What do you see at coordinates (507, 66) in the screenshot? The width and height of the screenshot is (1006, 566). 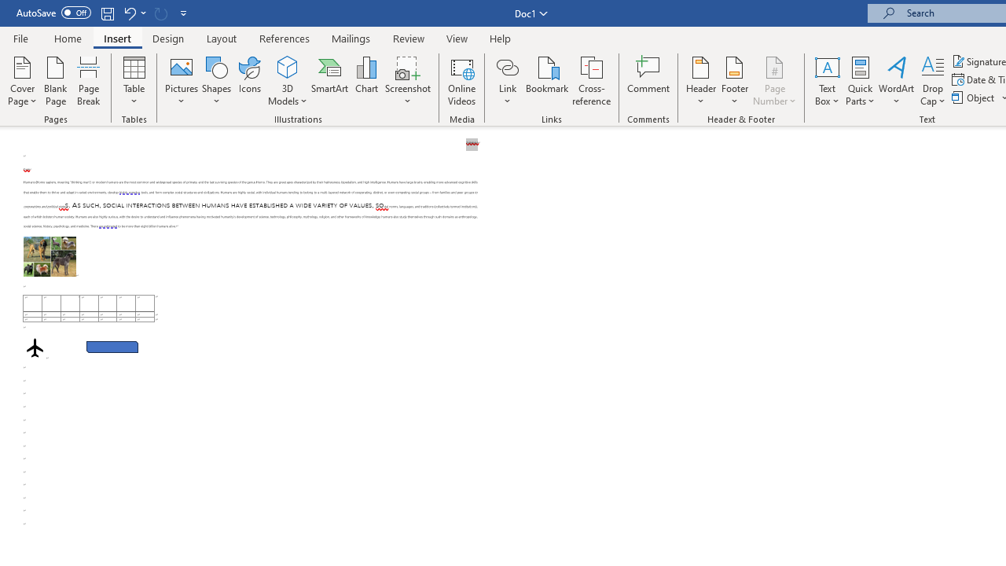 I see `'Link'` at bounding box center [507, 66].